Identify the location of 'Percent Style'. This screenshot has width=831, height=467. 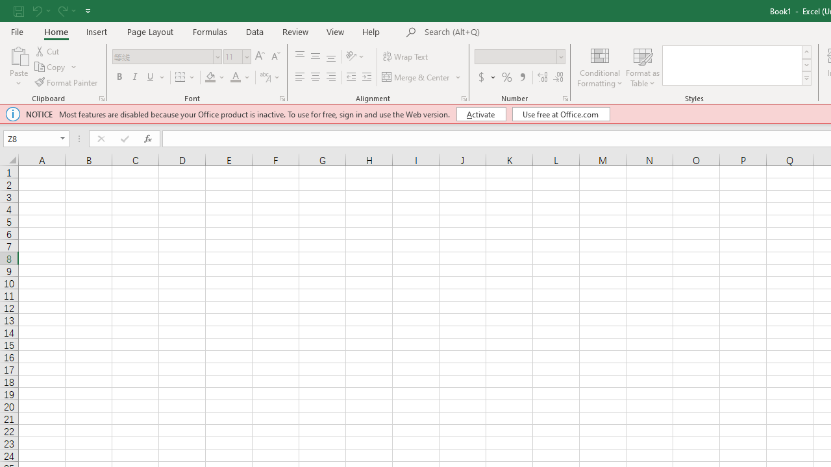
(506, 77).